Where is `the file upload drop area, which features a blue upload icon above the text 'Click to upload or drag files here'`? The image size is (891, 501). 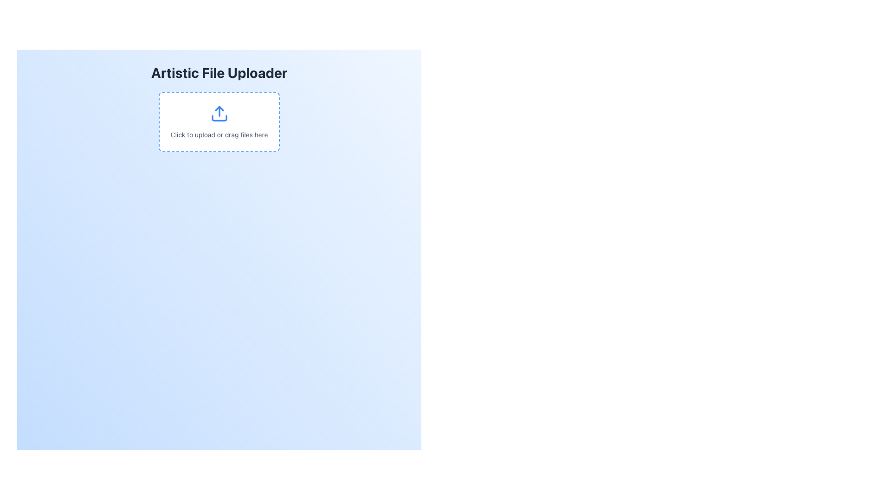
the file upload drop area, which features a blue upload icon above the text 'Click to upload or drag files here' is located at coordinates (219, 121).